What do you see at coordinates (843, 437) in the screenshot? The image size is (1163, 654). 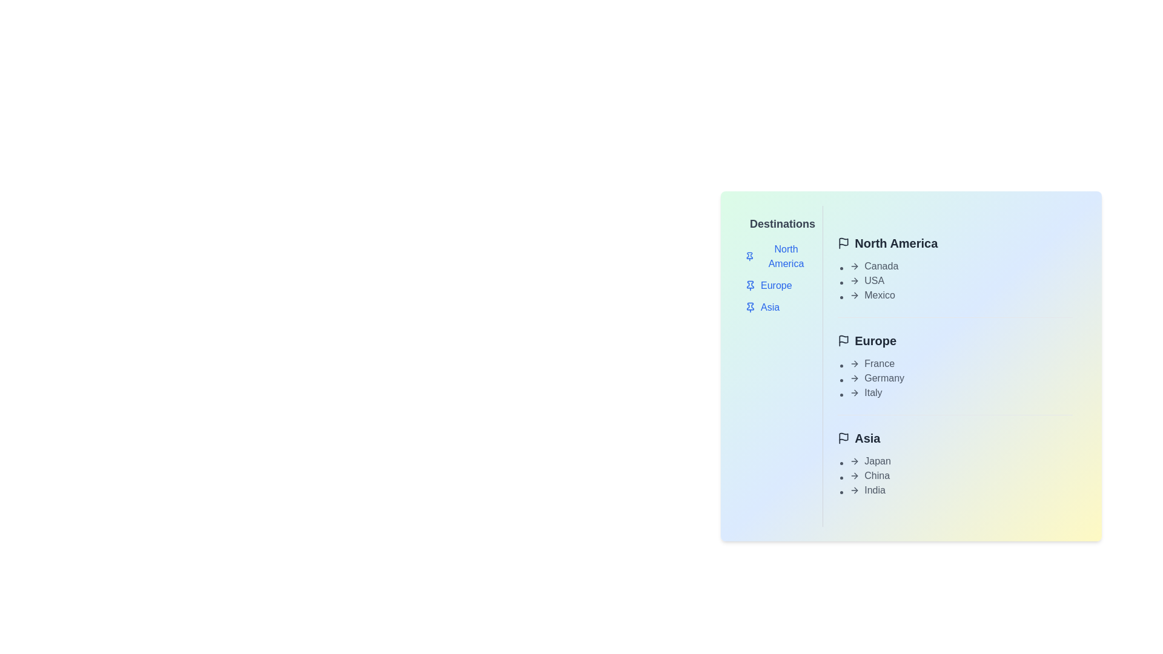 I see `the icon representing the region 'Asia' located to the left of the textual label 'Asia' for interaction` at bounding box center [843, 437].